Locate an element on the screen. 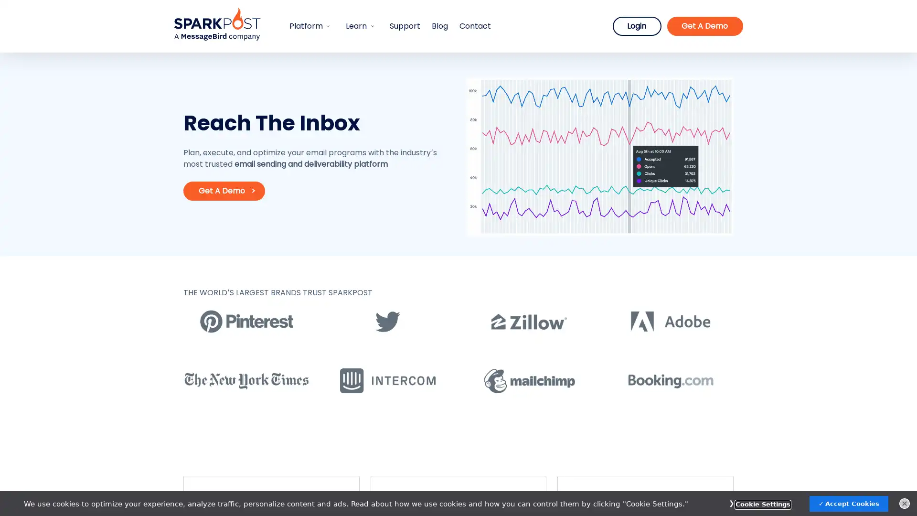 This screenshot has width=917, height=516. Cookie Settings is located at coordinates (762, 504).